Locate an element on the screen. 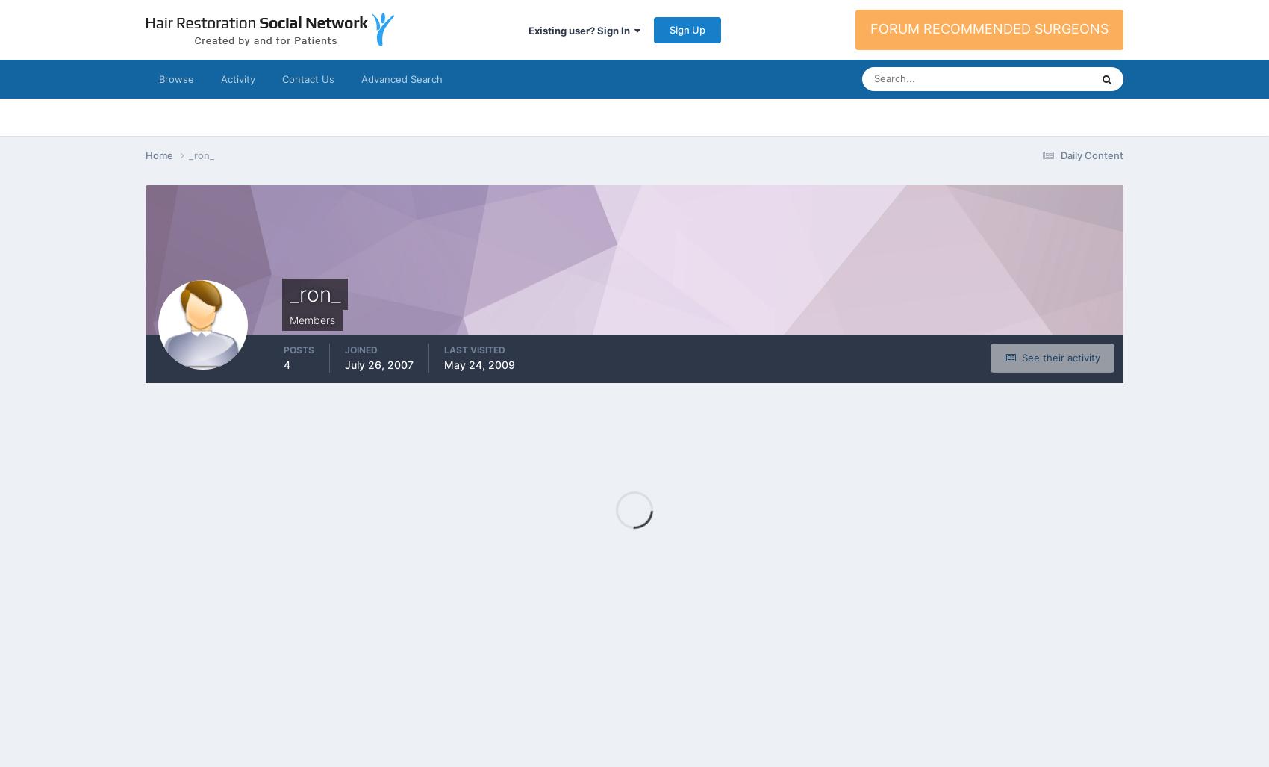 The width and height of the screenshot is (1269, 767). 'Home' is located at coordinates (160, 154).